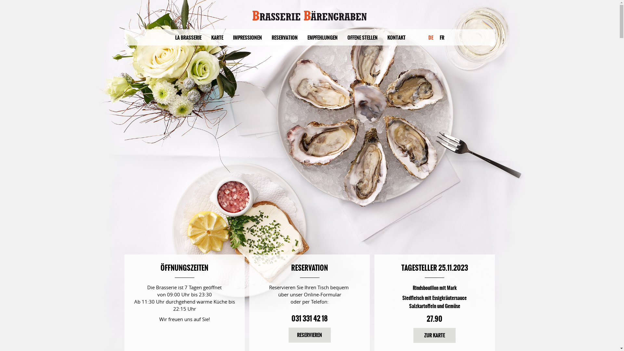 The height and width of the screenshot is (351, 624). Describe the element at coordinates (284, 37) in the screenshot. I see `'RESERVATION'` at that location.